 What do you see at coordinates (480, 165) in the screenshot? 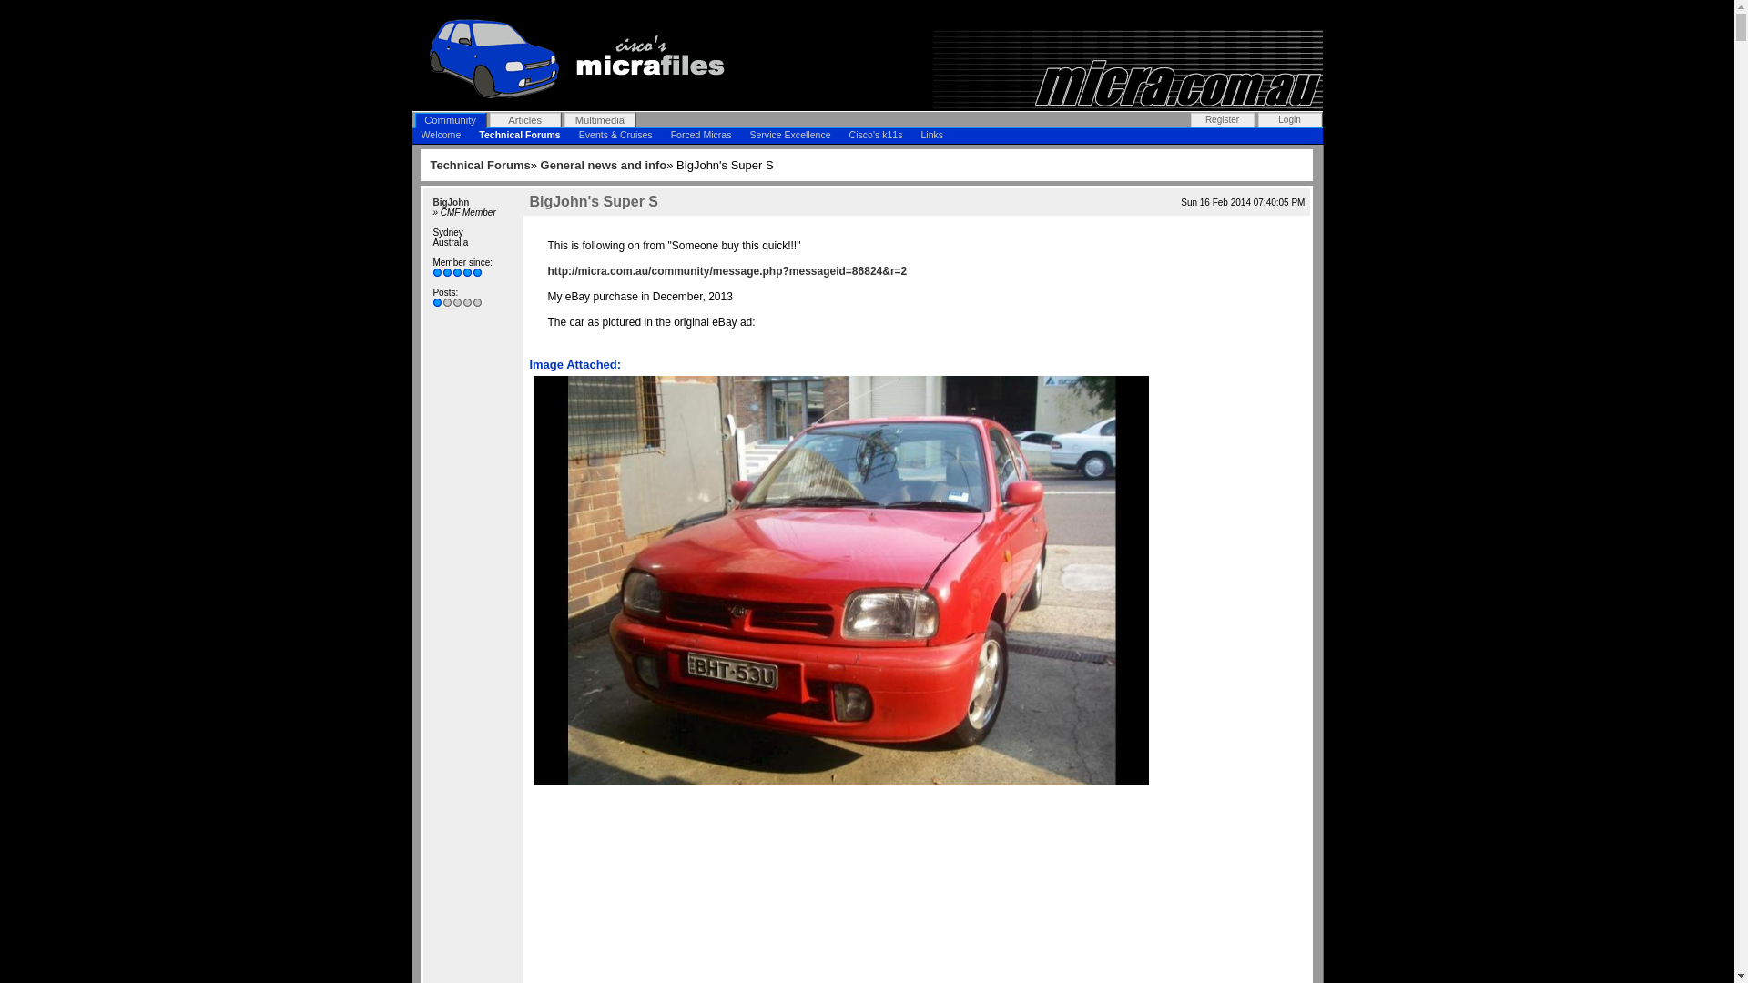
I see `'Technical Forums'` at bounding box center [480, 165].